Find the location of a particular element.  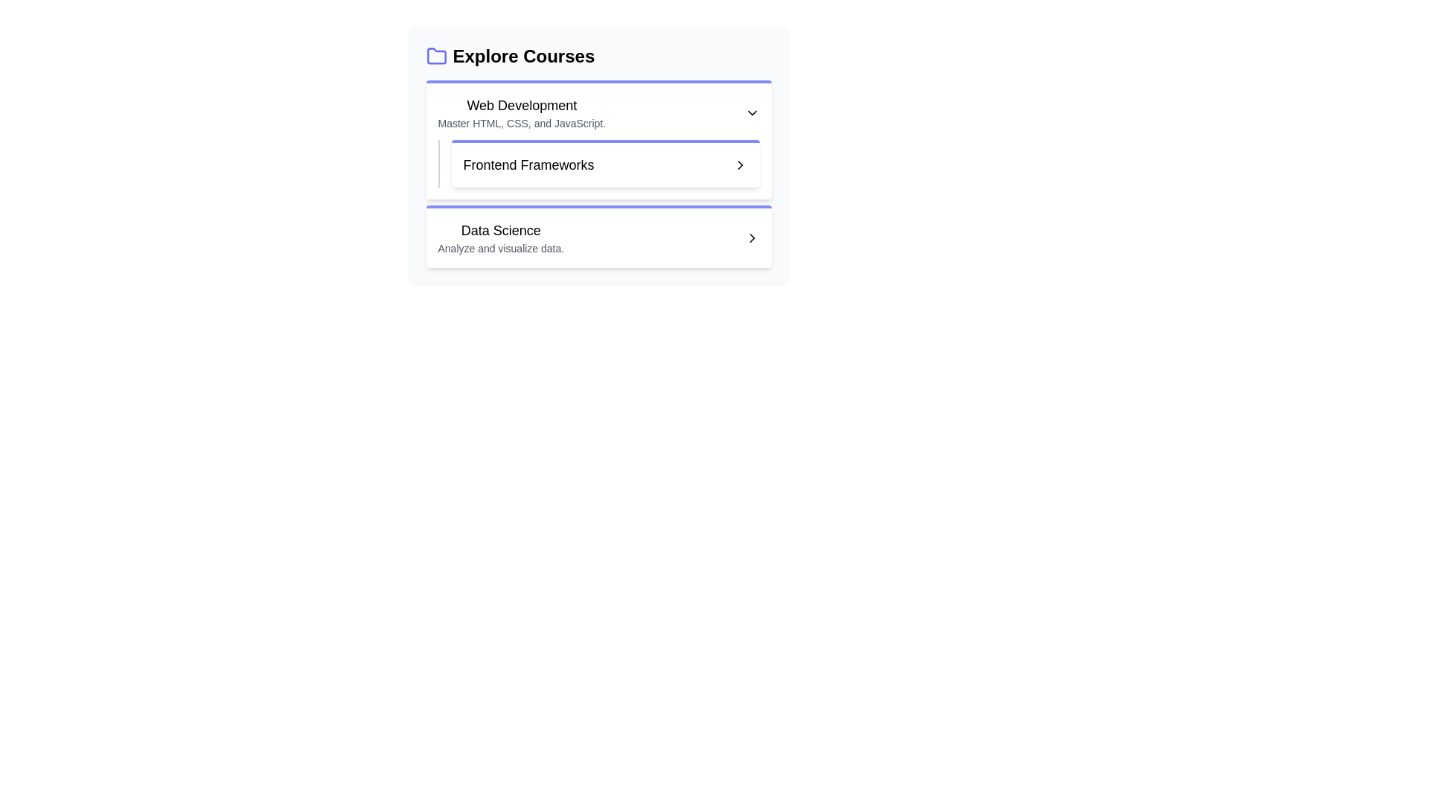

the 'Web Development' dropdown toggle button, which features a bold heading and a downward-pointing arrow is located at coordinates (598, 112).